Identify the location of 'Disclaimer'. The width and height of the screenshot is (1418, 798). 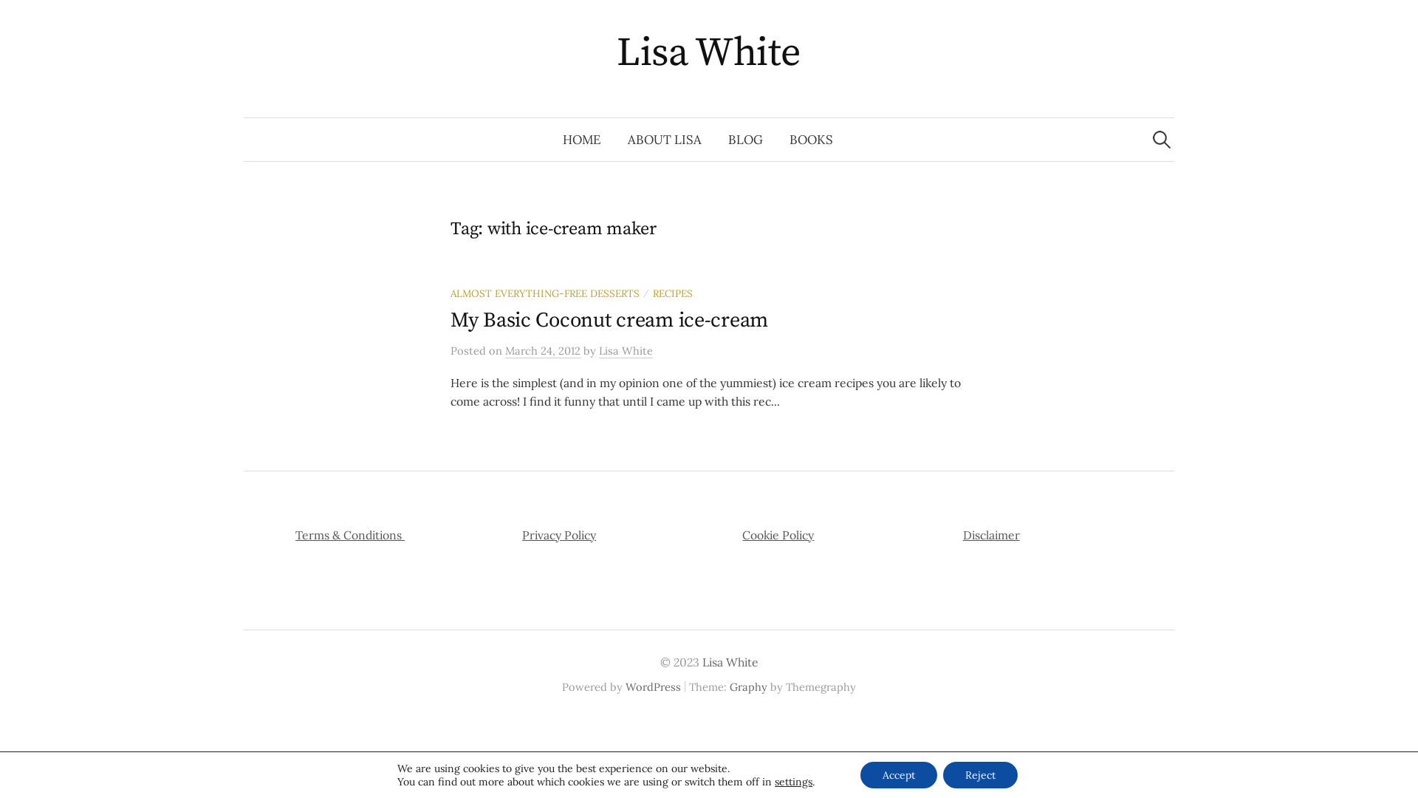
(991, 535).